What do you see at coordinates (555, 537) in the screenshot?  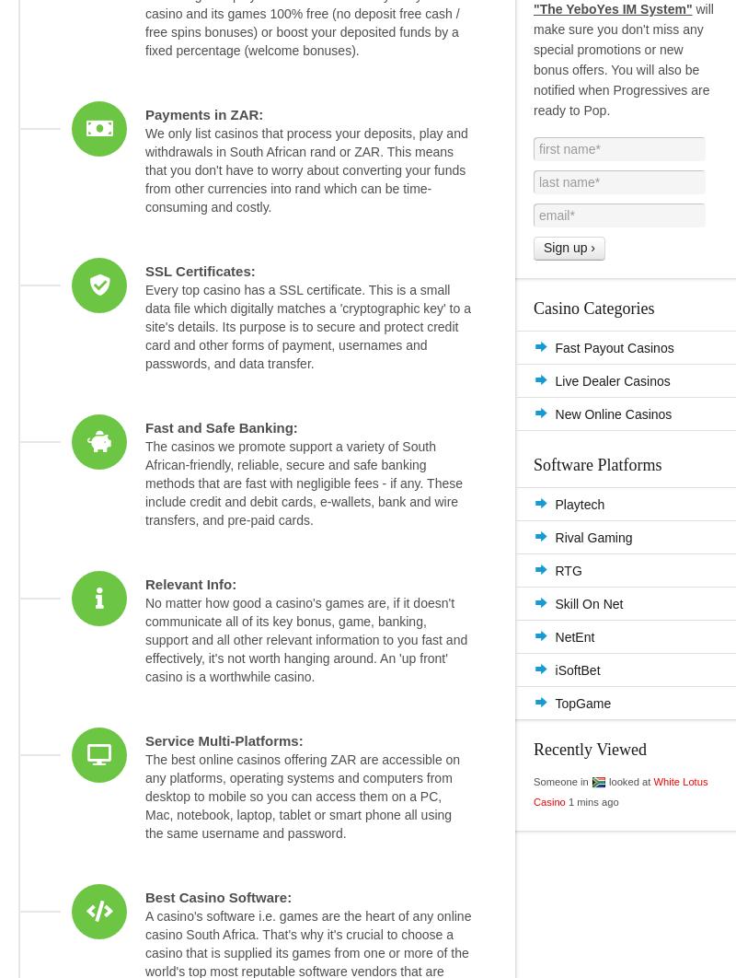 I see `'Rival Gaming'` at bounding box center [555, 537].